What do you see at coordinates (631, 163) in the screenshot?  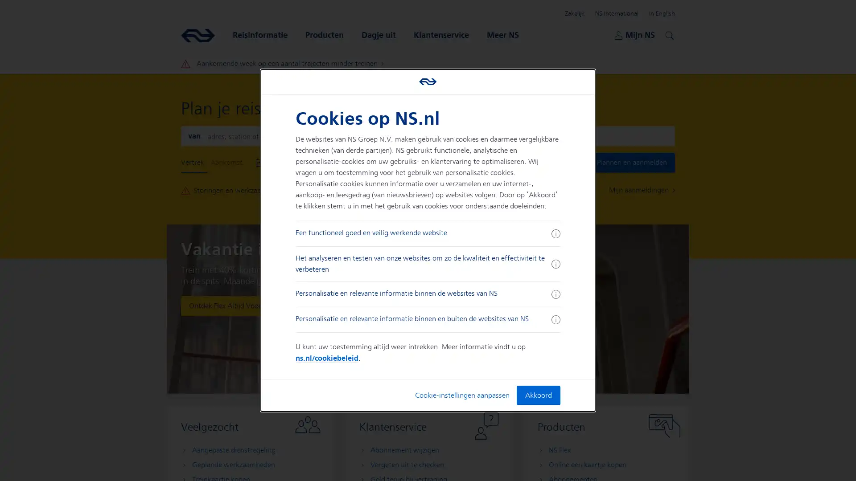 I see `Plannen en aanmelden` at bounding box center [631, 163].